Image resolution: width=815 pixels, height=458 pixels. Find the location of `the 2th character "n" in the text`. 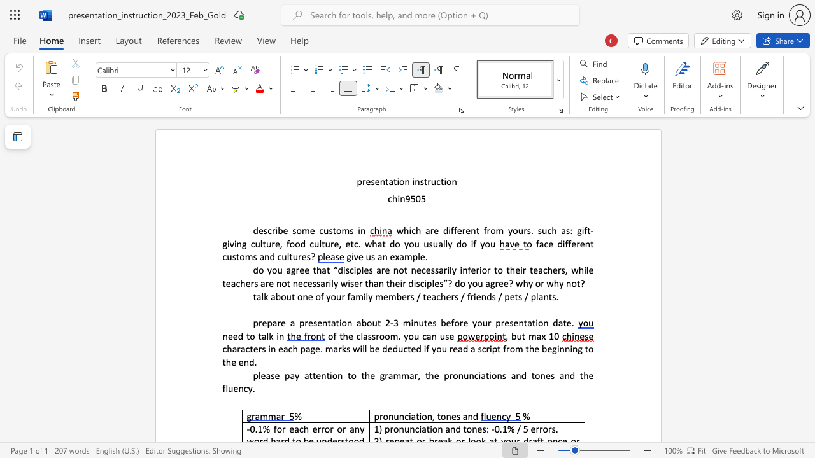

the 2th character "n" in the text is located at coordinates (400, 416).